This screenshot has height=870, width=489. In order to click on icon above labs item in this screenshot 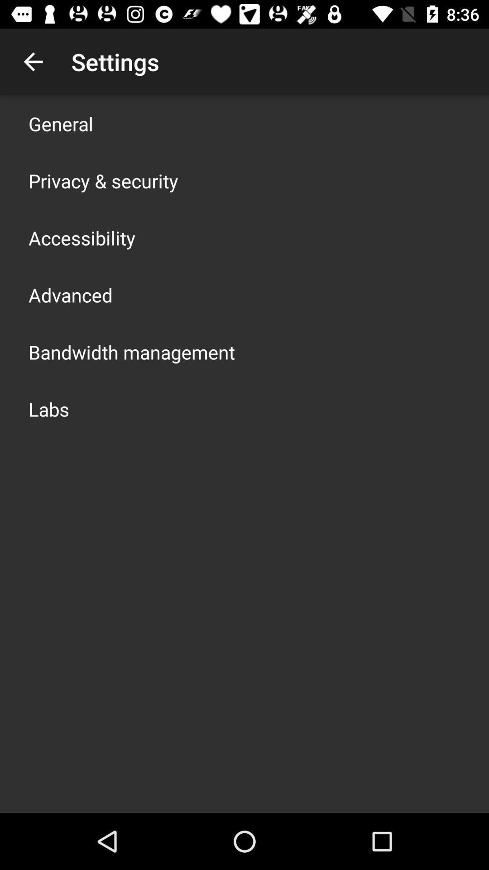, I will do `click(131, 352)`.